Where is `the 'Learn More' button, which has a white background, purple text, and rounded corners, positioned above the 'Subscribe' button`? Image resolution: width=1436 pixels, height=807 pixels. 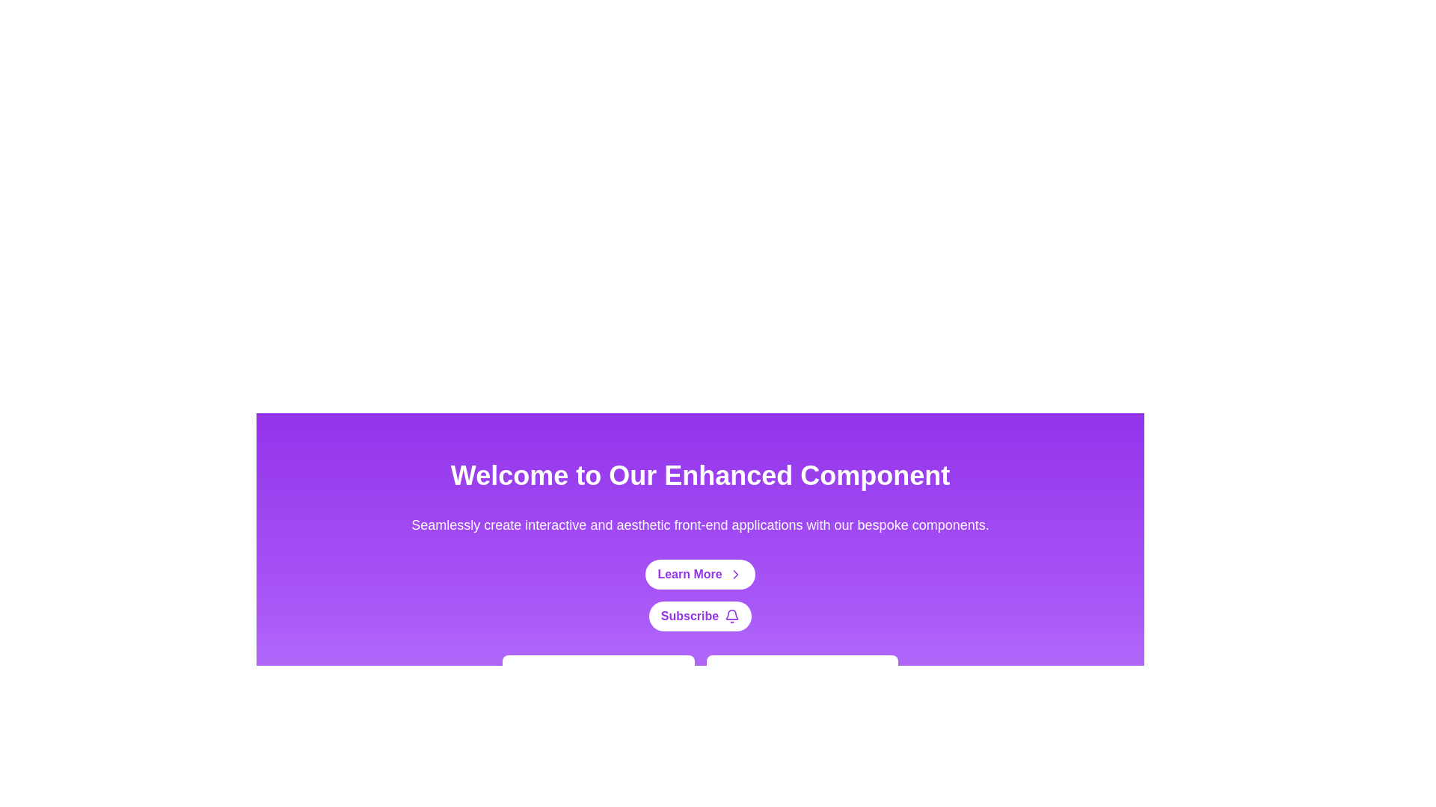 the 'Learn More' button, which has a white background, purple text, and rounded corners, positioned above the 'Subscribe' button is located at coordinates (699, 573).